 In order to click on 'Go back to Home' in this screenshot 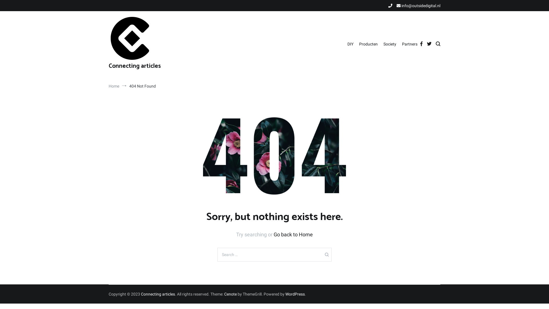, I will do `click(293, 234)`.